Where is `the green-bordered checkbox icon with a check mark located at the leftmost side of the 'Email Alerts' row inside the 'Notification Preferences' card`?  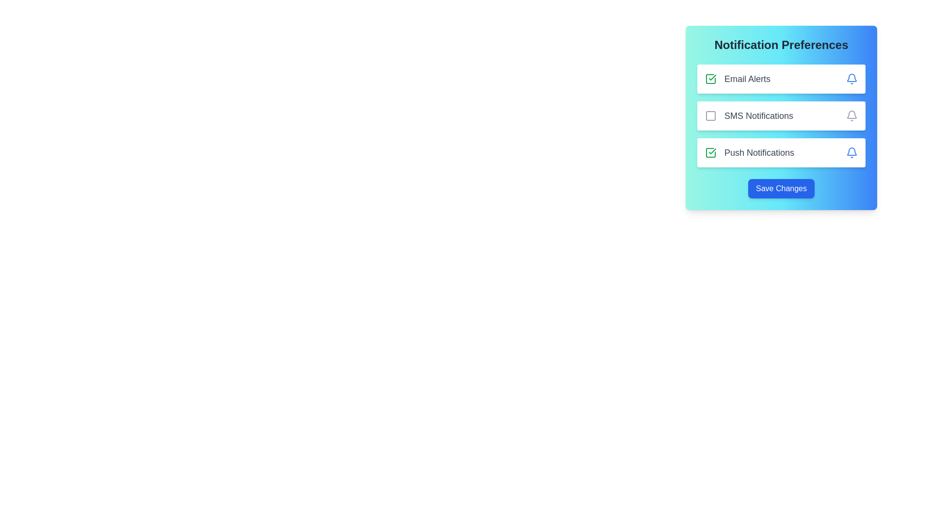 the green-bordered checkbox icon with a check mark located at the leftmost side of the 'Email Alerts' row inside the 'Notification Preferences' card is located at coordinates (710, 78).